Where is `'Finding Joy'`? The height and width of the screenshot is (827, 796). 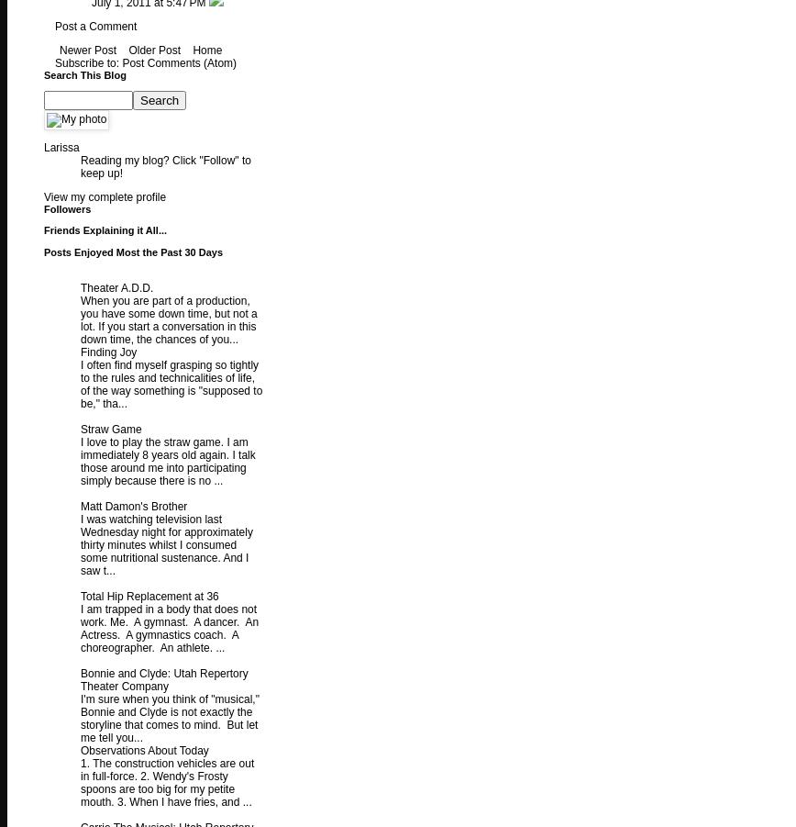 'Finding Joy' is located at coordinates (108, 352).